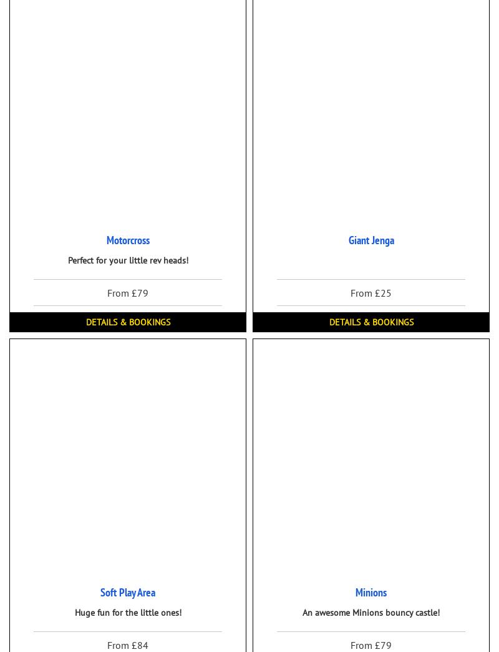  I want to click on 'Minions', so click(355, 591).